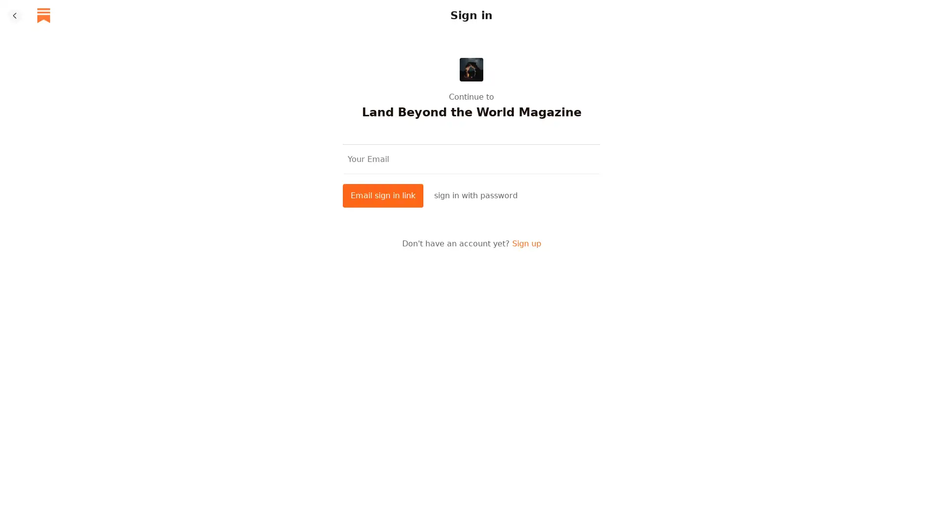 This screenshot has height=530, width=943. What do you see at coordinates (382, 195) in the screenshot?
I see `Email sign in link` at bounding box center [382, 195].